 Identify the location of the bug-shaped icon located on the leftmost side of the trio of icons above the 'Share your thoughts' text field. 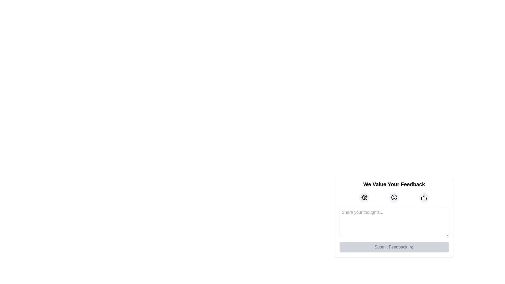
(364, 197).